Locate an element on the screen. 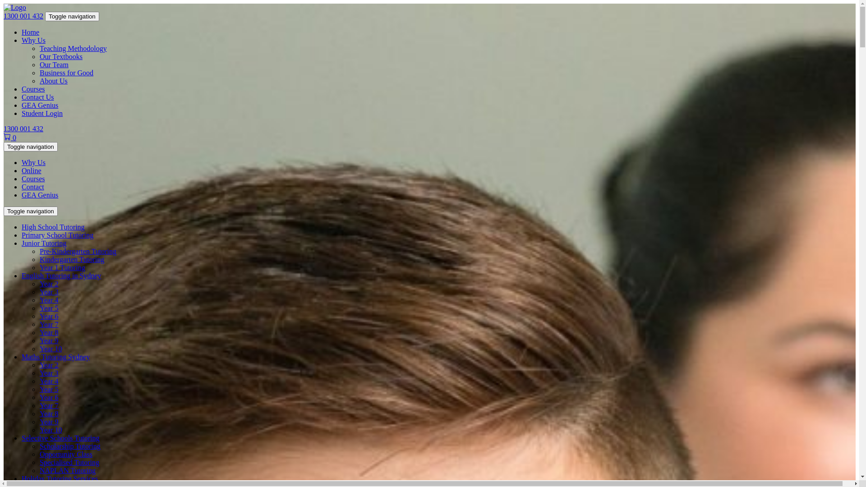 The image size is (866, 487). 'Online' is located at coordinates (32, 170).